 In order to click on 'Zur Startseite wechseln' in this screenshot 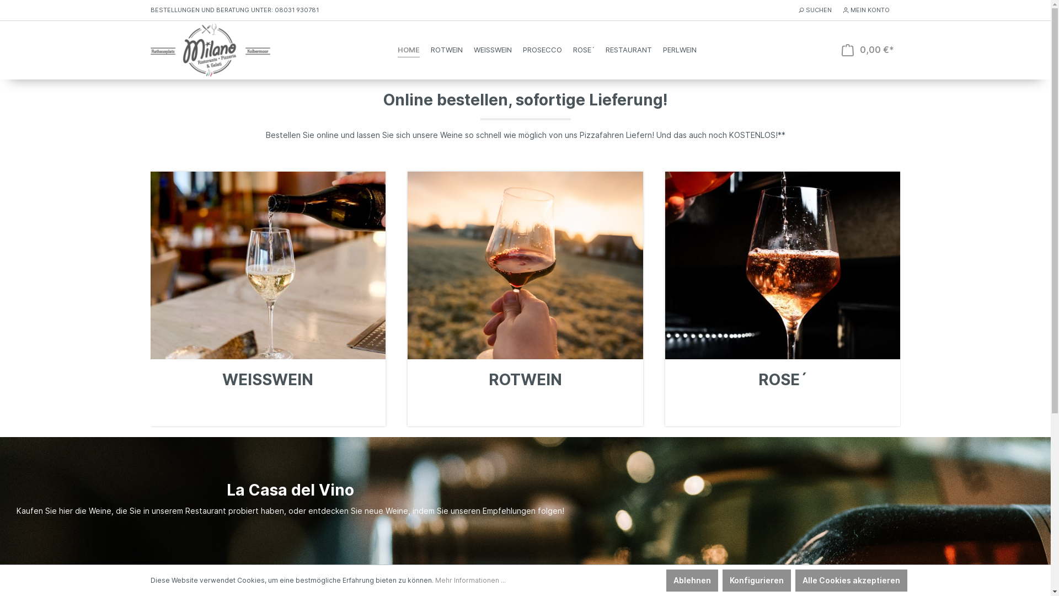, I will do `click(149, 49)`.